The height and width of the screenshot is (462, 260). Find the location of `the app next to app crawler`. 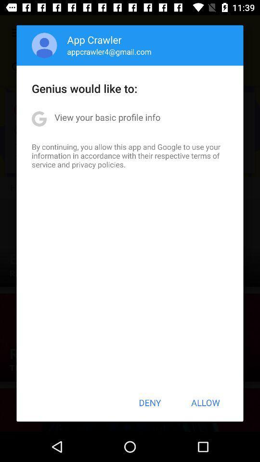

the app next to app crawler is located at coordinates (44, 45).